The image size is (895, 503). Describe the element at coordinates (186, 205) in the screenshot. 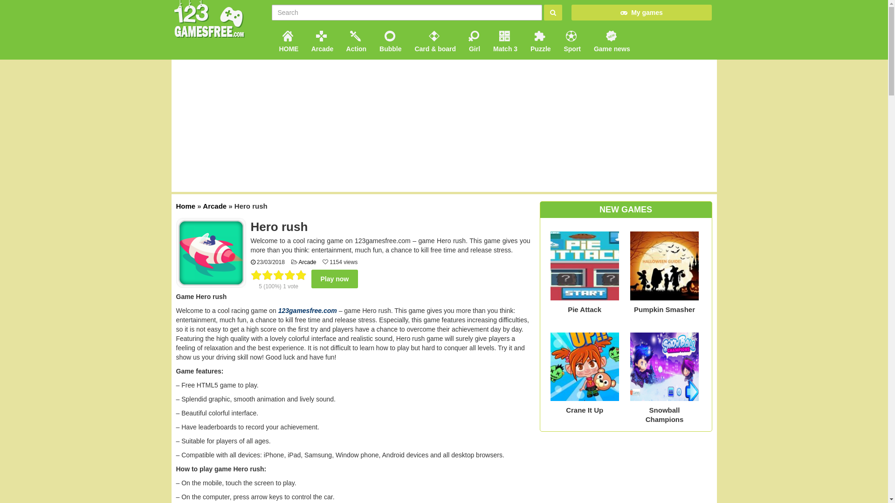

I see `'Home'` at that location.